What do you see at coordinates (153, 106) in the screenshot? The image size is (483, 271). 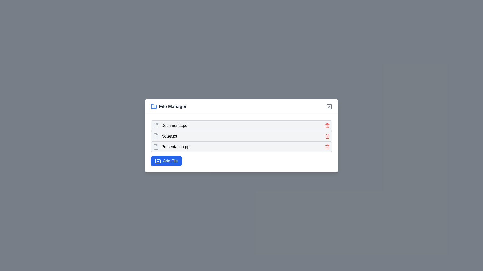 I see `the blue folder icon with a plus sign located on the upper left corner of the 'File Manager' modal` at bounding box center [153, 106].